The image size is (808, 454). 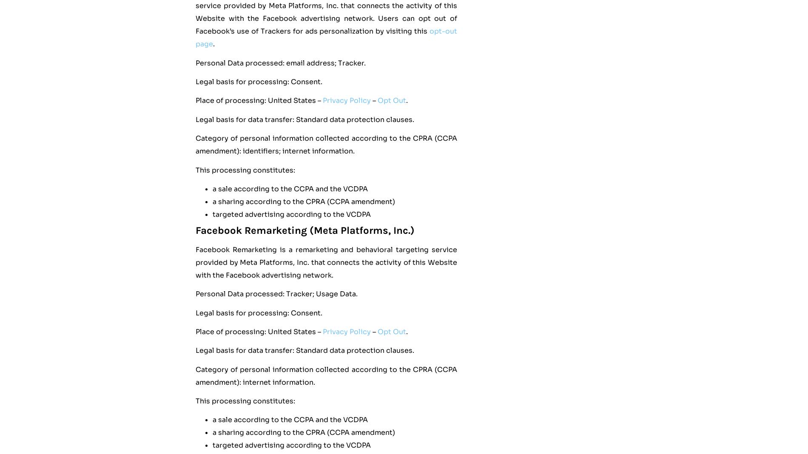 What do you see at coordinates (195, 261) in the screenshot?
I see `'Facebook Remarketing is a remarketing and behavioral targeting service provided by Meta Platforms, Inc. that connects the activity of this Website with the Facebook advertising network.'` at bounding box center [195, 261].